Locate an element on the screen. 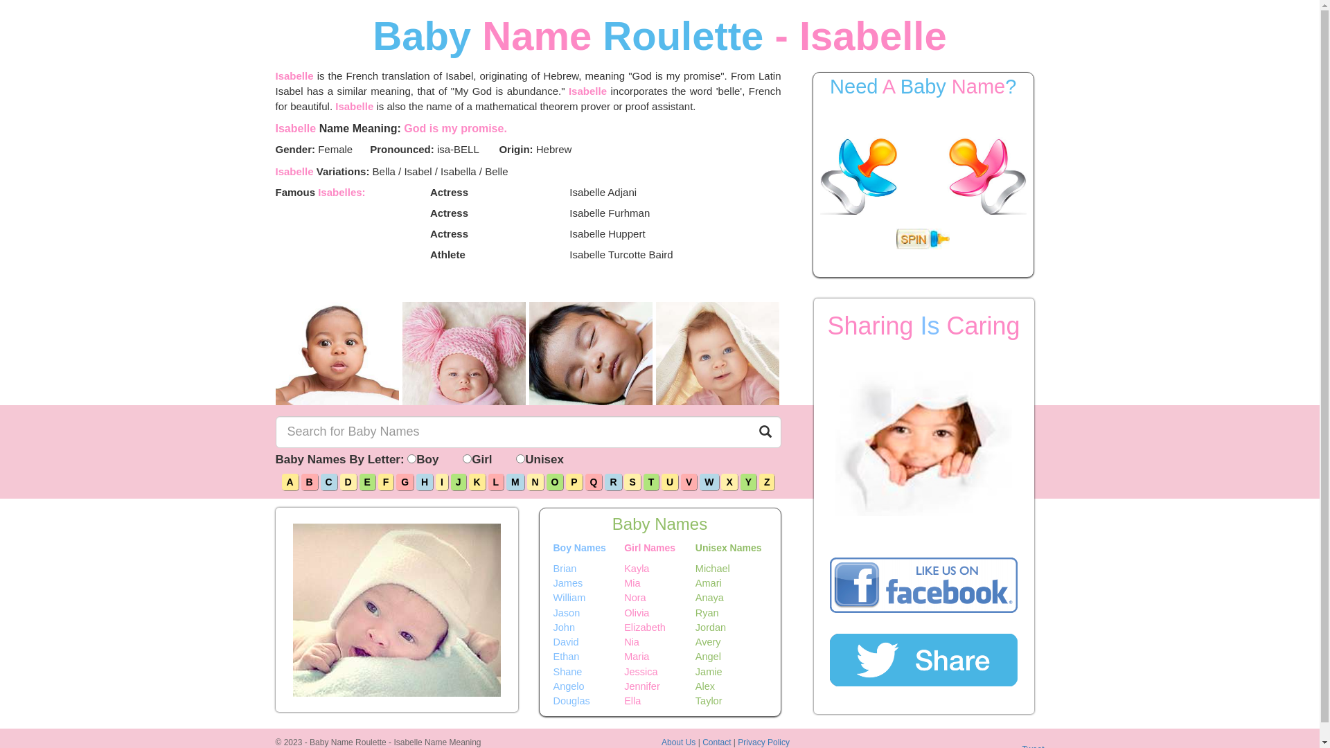 This screenshot has width=1330, height=748. 'John' is located at coordinates (588, 627).